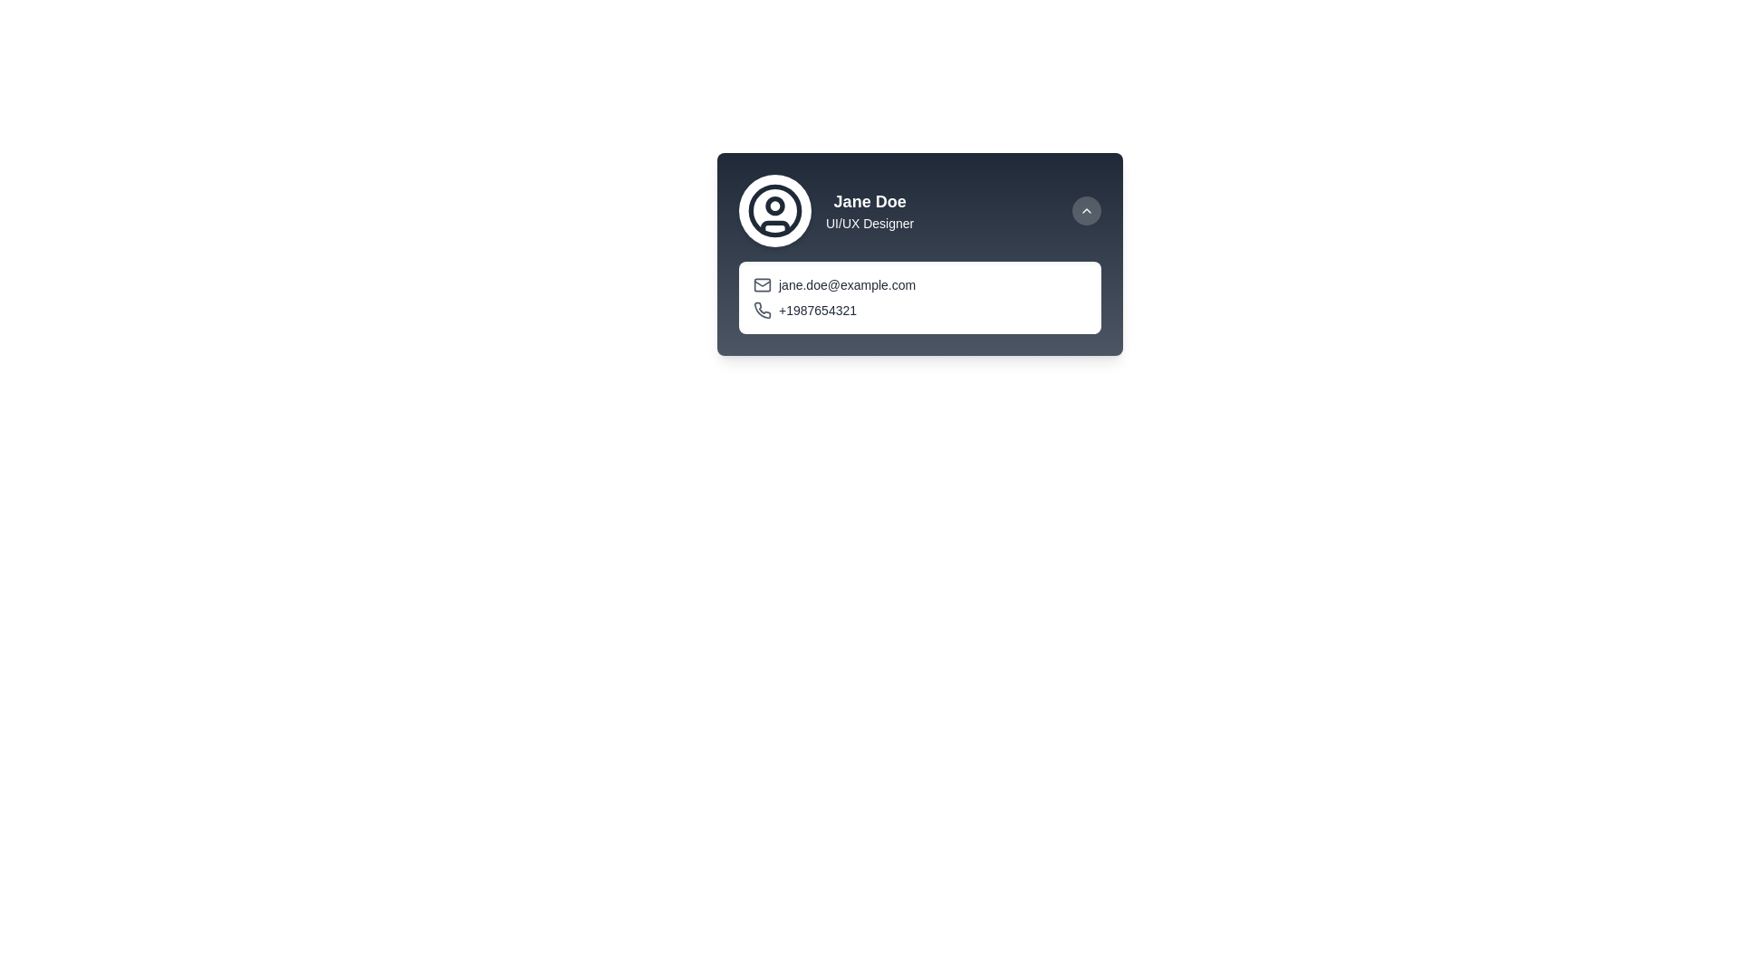 This screenshot has width=1739, height=978. I want to click on text displayed in the Text Label that shows the name 'Jane Doe', which is located on the profile card to the right of the avatar, so click(869, 202).